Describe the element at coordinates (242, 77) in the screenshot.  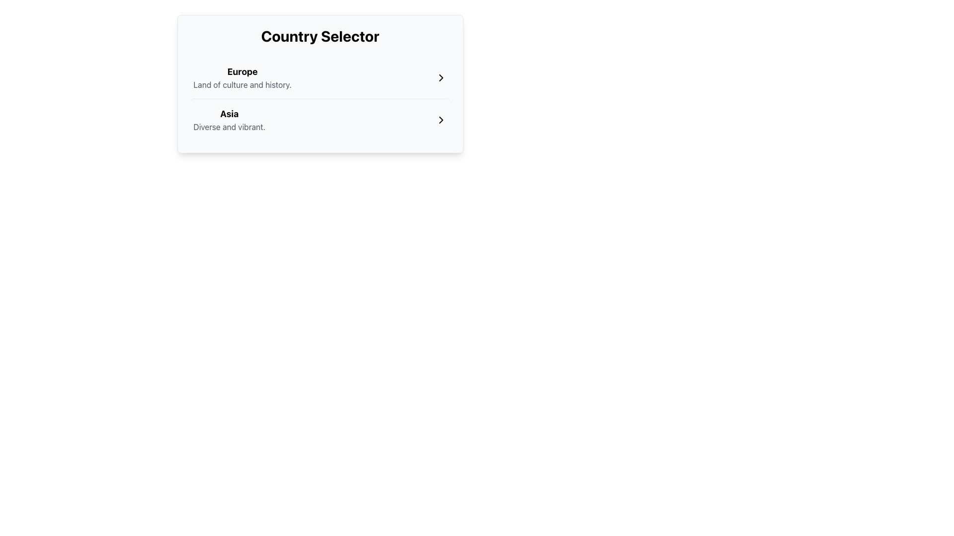
I see `the first list item that serves as a descriptor for the 'Europe' continent, which is part of the 'Country Selector' list` at that location.